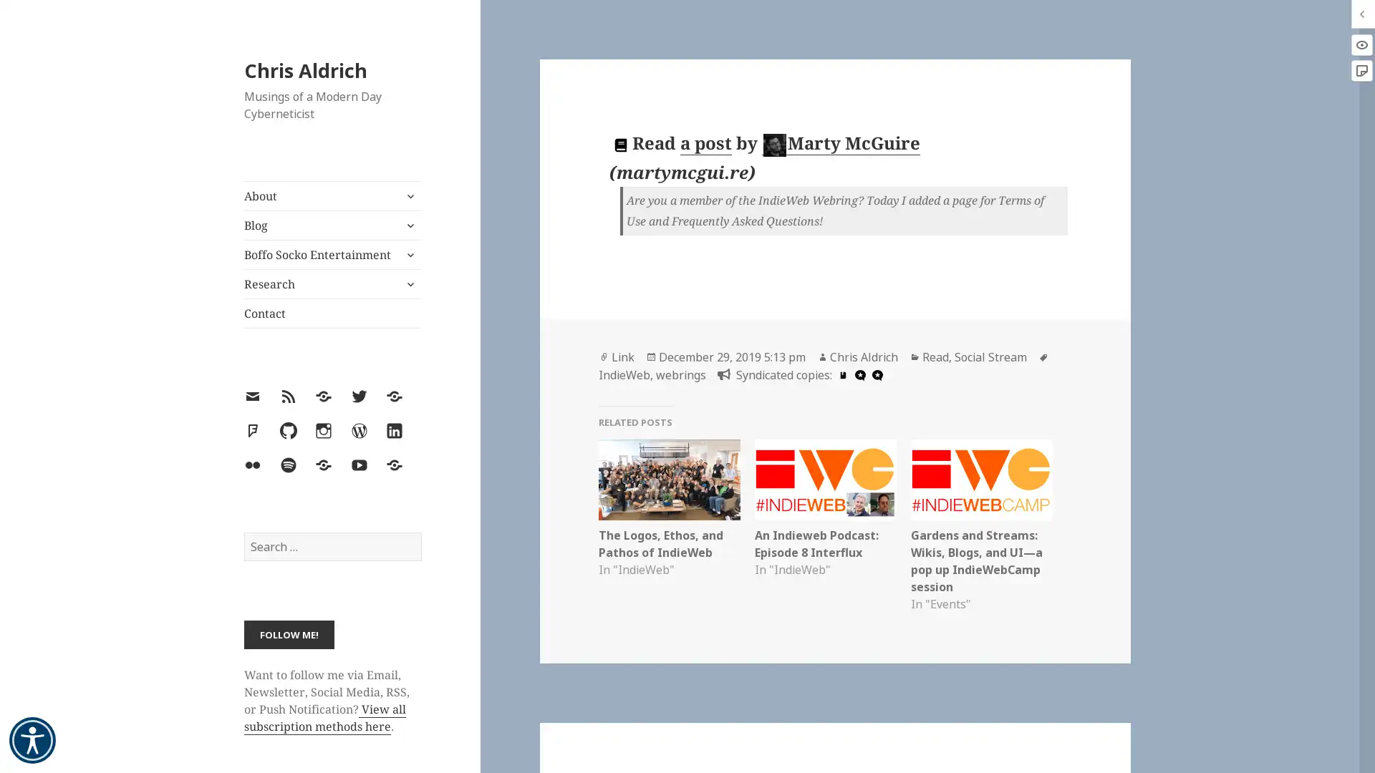  I want to click on Show highlights, so click(1361, 44).